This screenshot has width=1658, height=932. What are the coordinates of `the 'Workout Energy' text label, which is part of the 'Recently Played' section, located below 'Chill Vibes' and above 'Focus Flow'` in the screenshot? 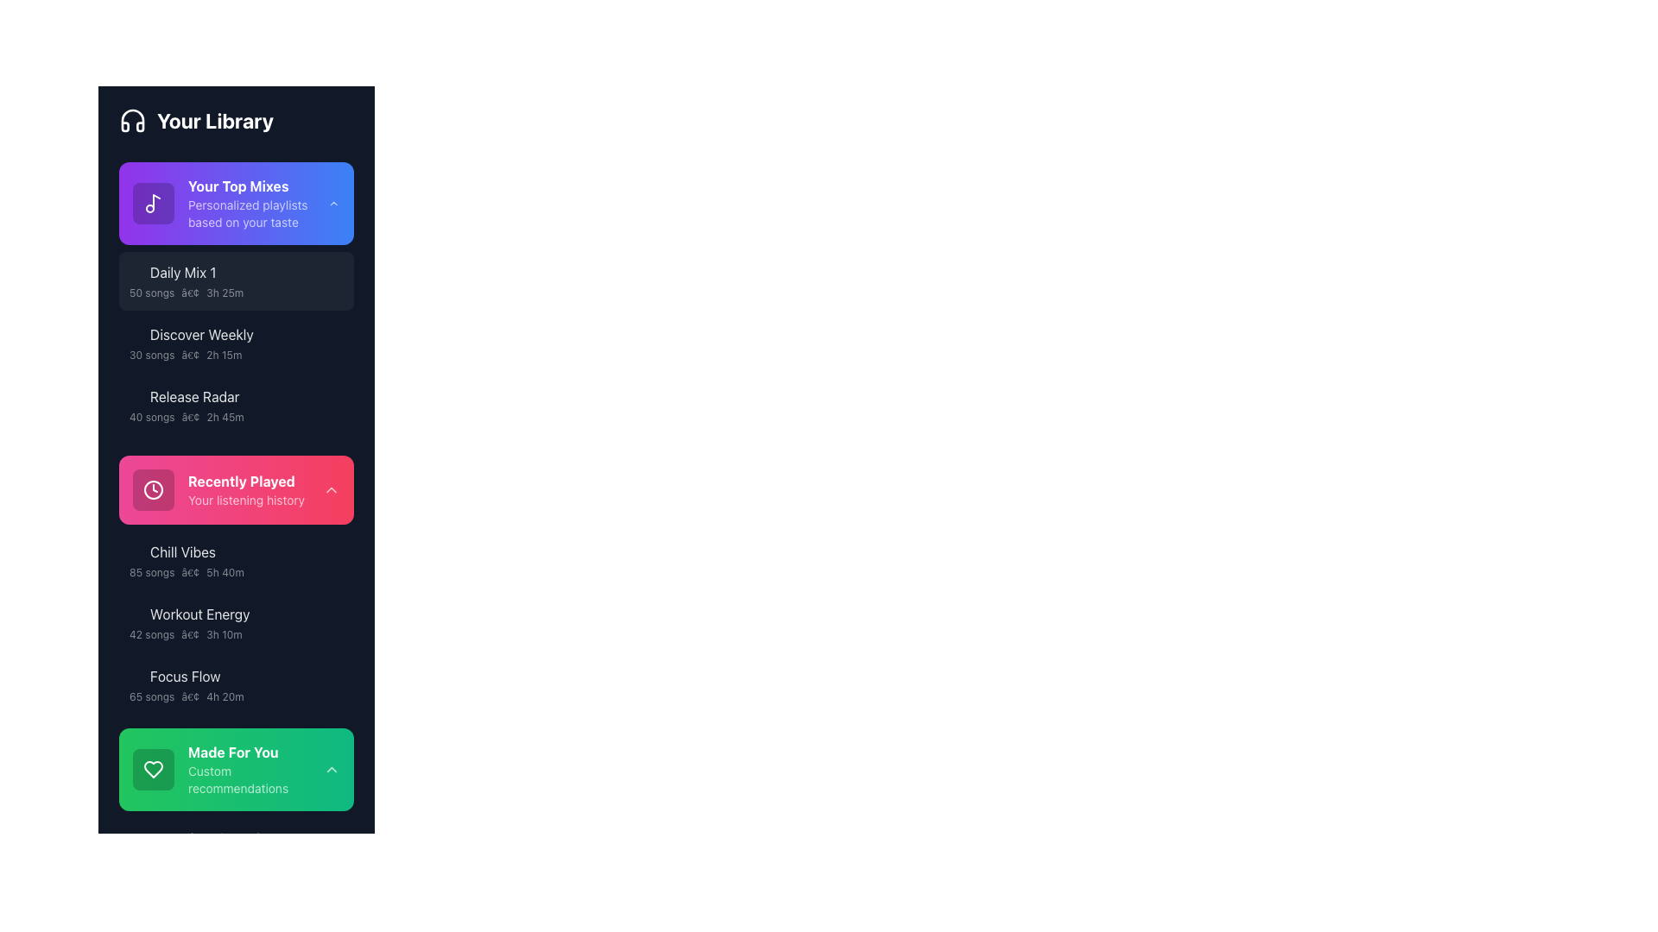 It's located at (199, 614).